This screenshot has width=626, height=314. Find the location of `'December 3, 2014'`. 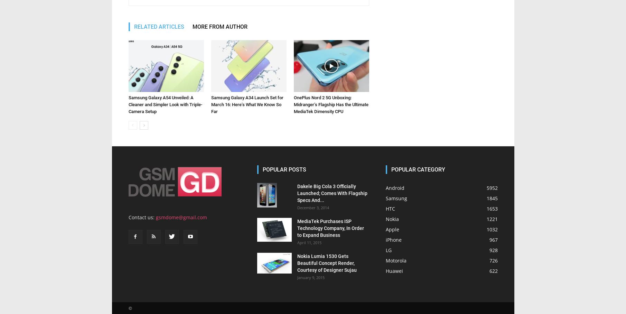

'December 3, 2014' is located at coordinates (312, 207).